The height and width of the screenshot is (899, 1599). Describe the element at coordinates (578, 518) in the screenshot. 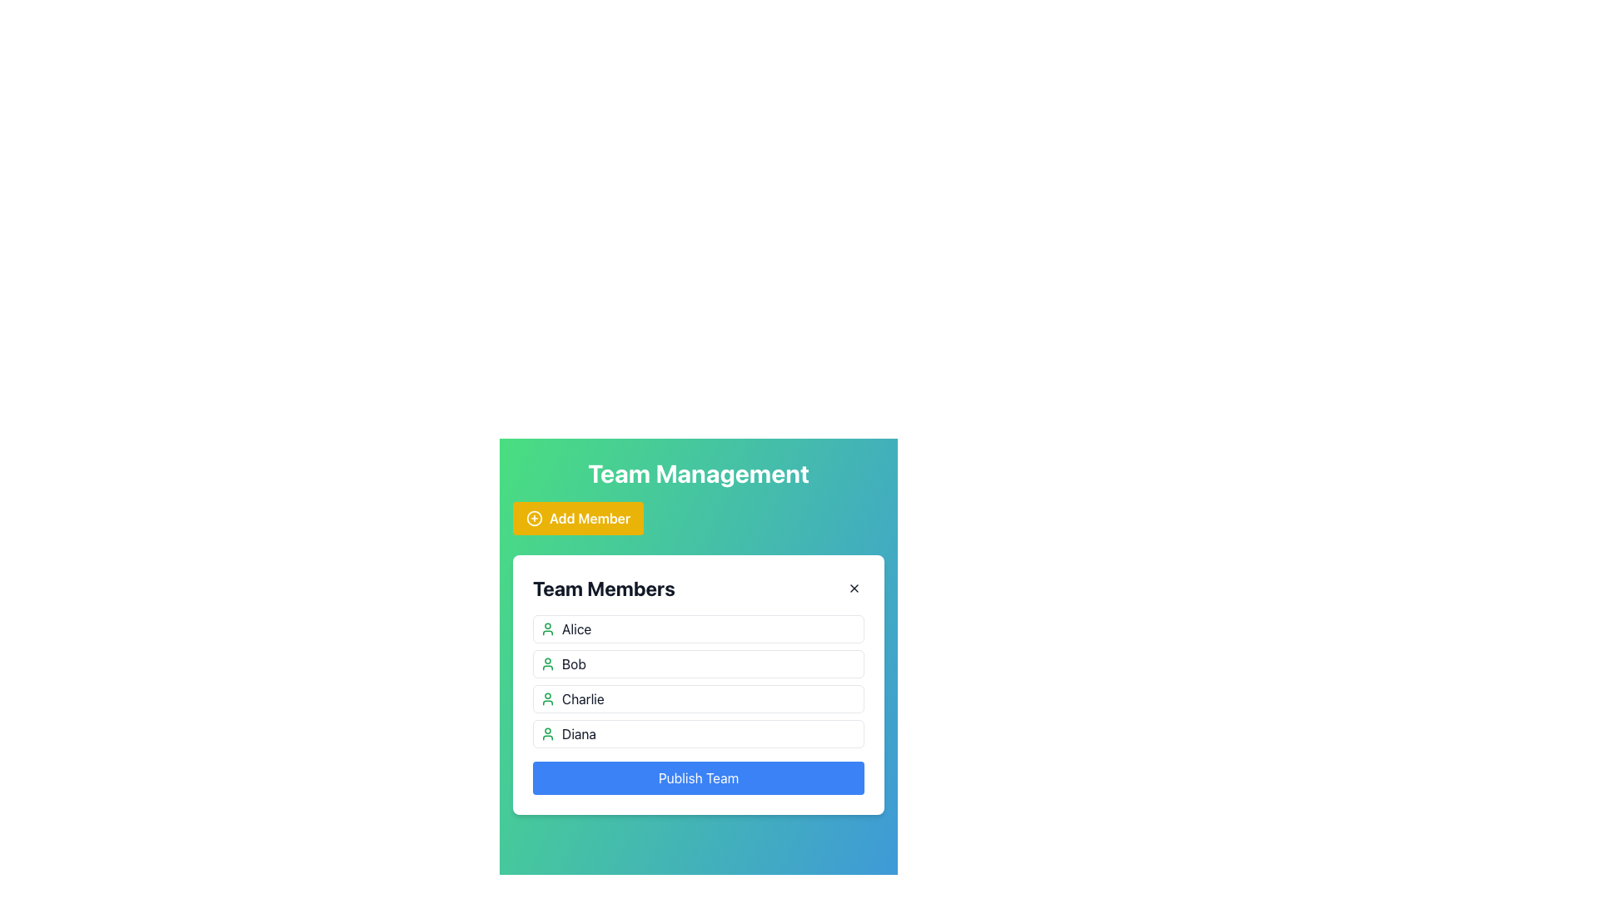

I see `the 'Add Member' button with a yellow background and bold white text` at that location.